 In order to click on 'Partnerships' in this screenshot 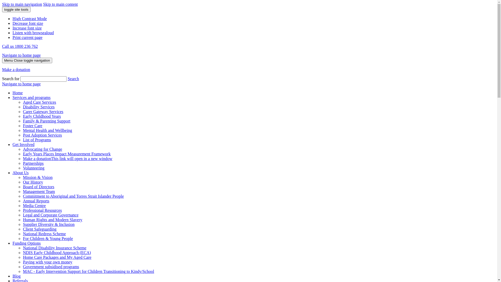, I will do `click(33, 163)`.